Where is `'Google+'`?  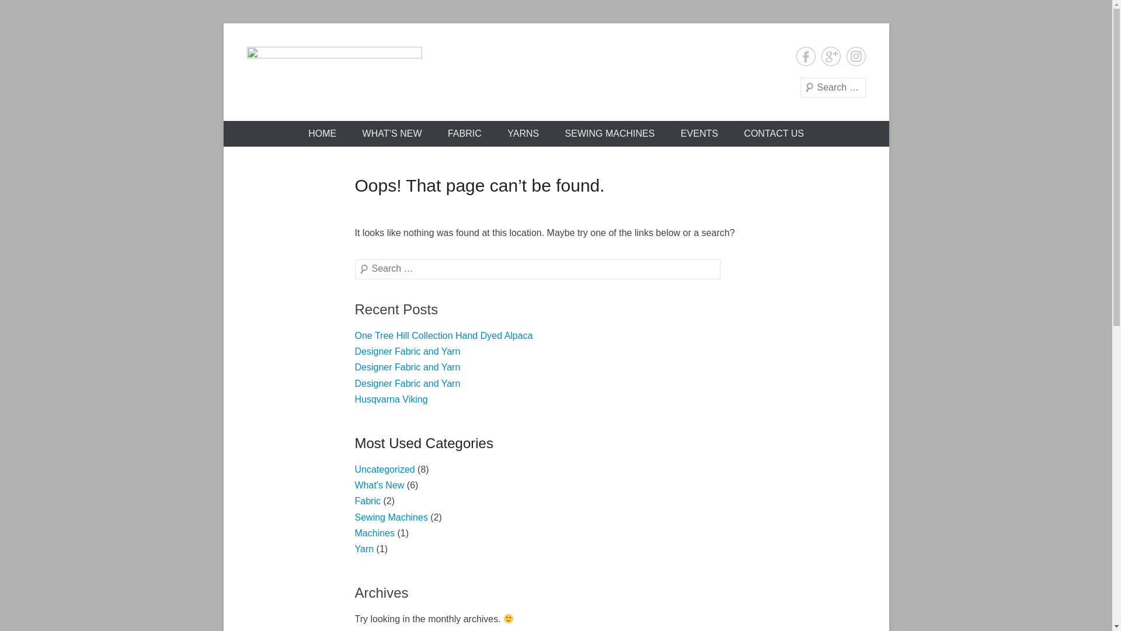 'Google+' is located at coordinates (830, 56).